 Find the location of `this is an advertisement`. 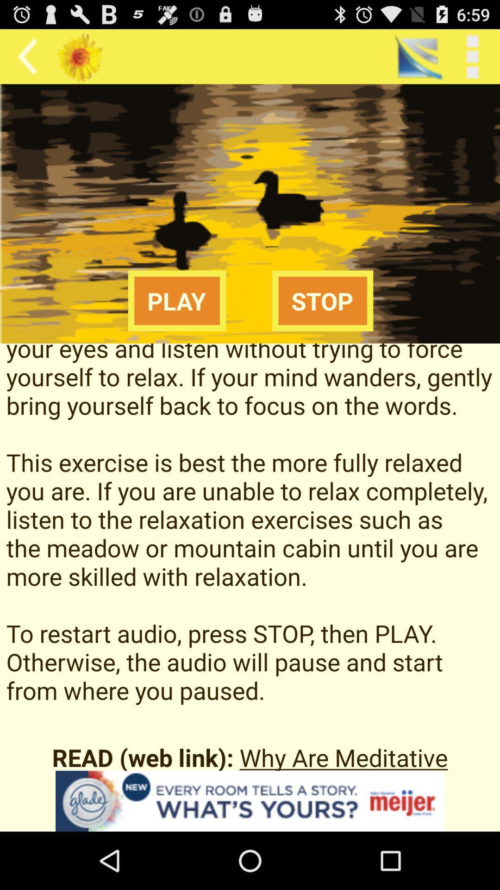

this is an advertisement is located at coordinates (250, 801).